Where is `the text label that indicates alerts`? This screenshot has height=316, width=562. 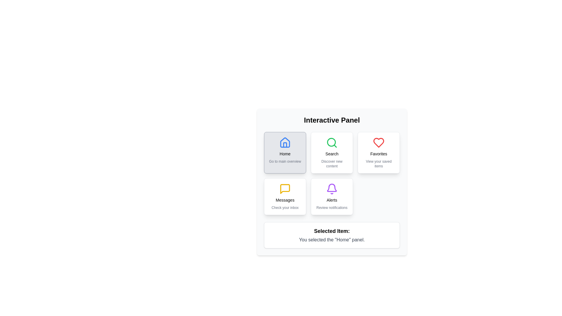
the text label that indicates alerts is located at coordinates (332, 200).